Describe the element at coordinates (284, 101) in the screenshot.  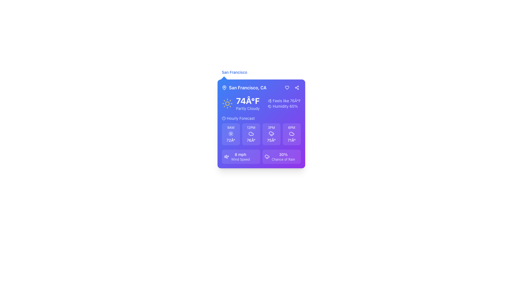
I see `the Text label with icon that displays the apparent temperature in the top right portion of the weather card interface` at that location.